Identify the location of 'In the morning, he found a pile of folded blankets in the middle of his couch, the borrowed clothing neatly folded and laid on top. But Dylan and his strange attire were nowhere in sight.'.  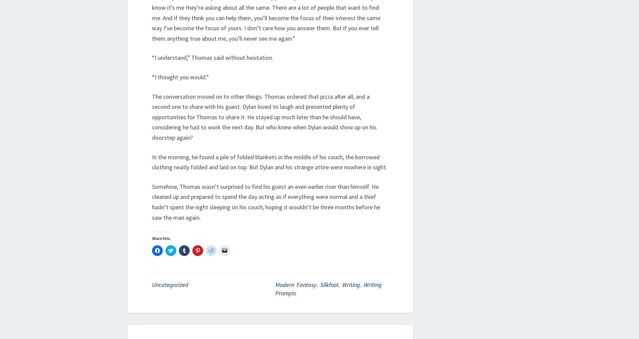
(269, 161).